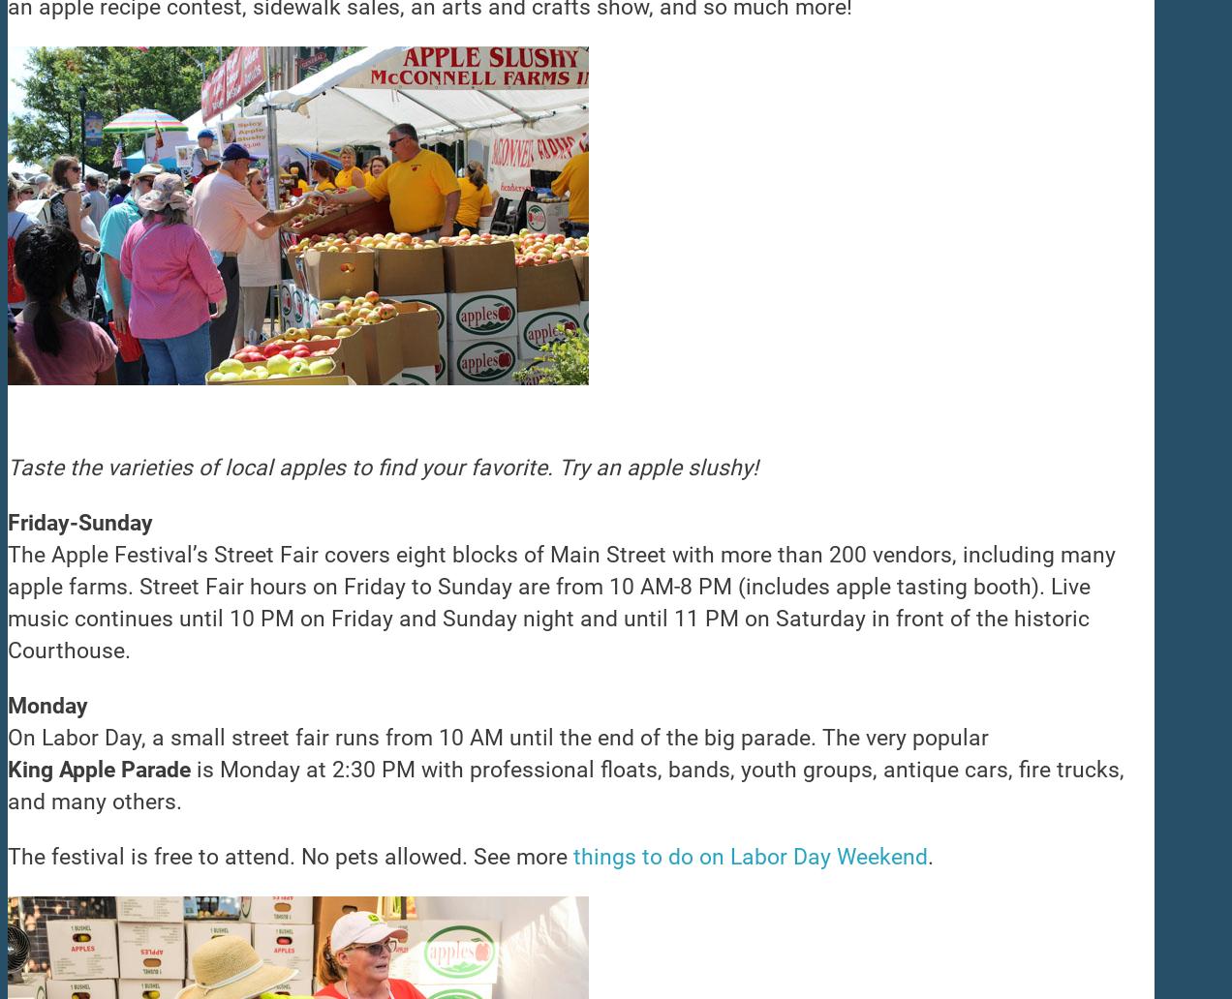  What do you see at coordinates (566, 785) in the screenshot?
I see `'is Monday at 2:30 PM with professional floats, bands, youth groups, antique cars, fire trucks, and many others.'` at bounding box center [566, 785].